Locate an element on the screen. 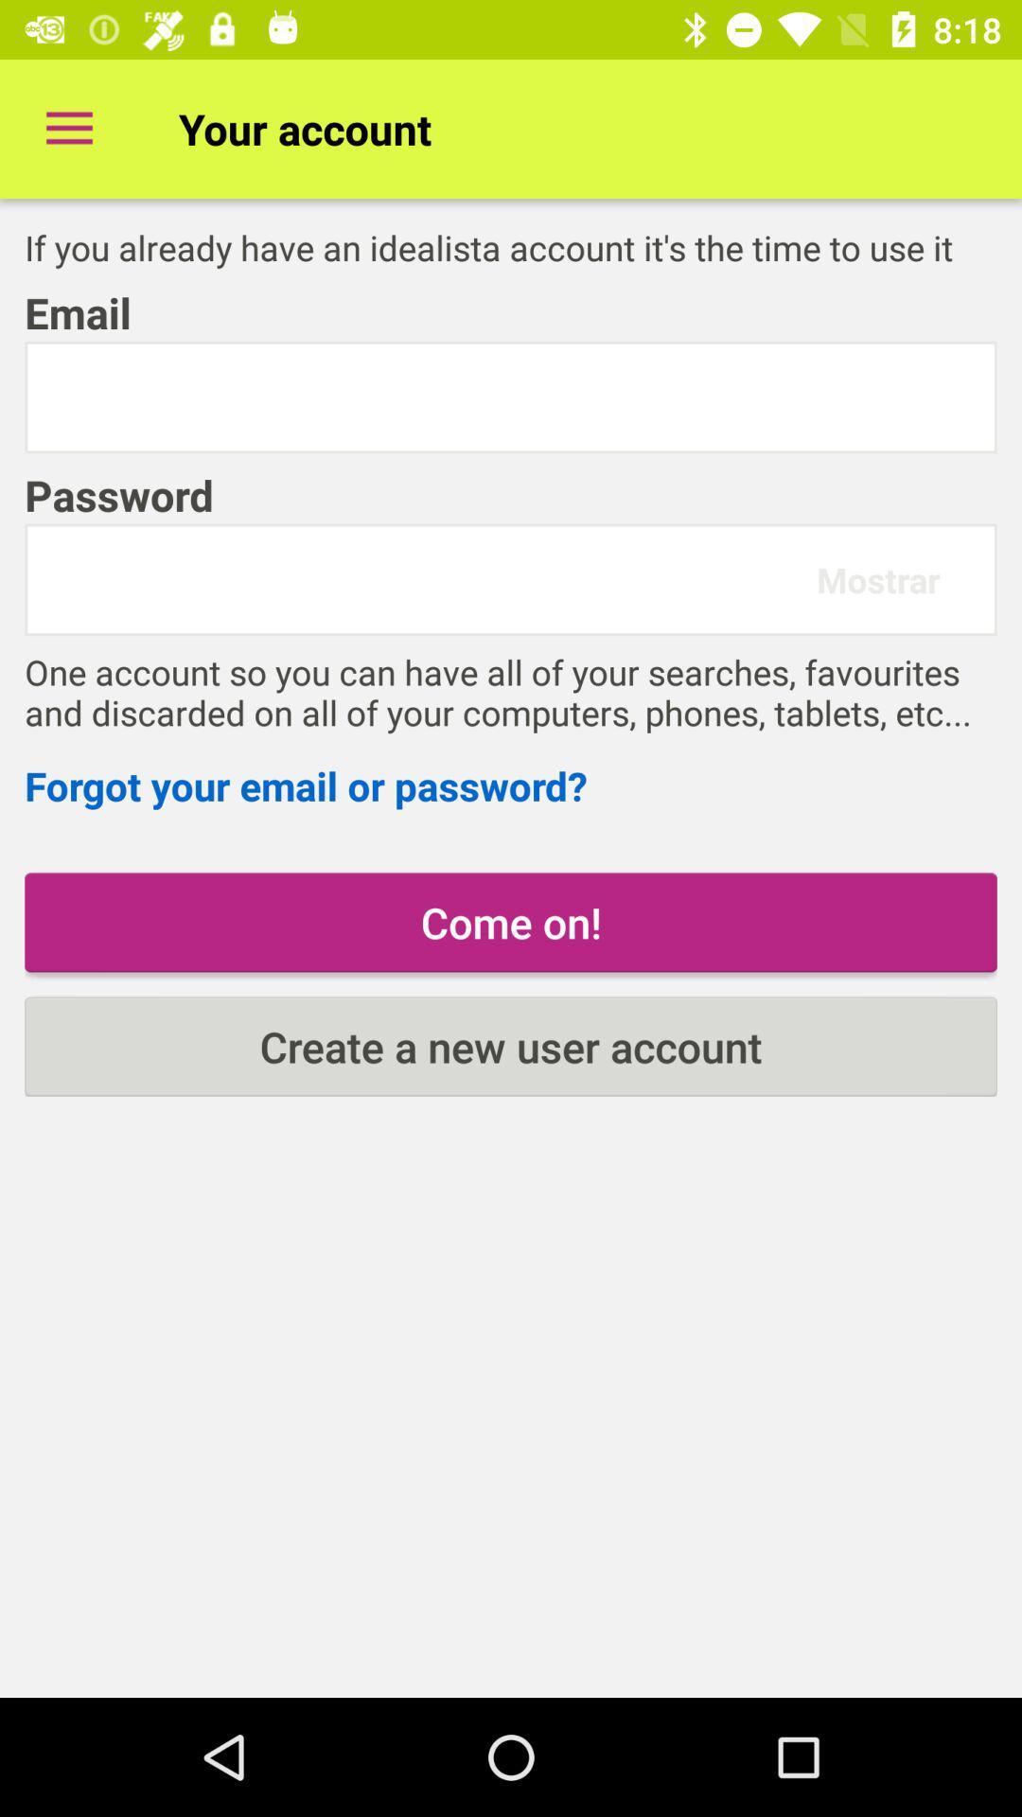 Image resolution: width=1022 pixels, height=1817 pixels. the forgot your email item is located at coordinates (511, 785).